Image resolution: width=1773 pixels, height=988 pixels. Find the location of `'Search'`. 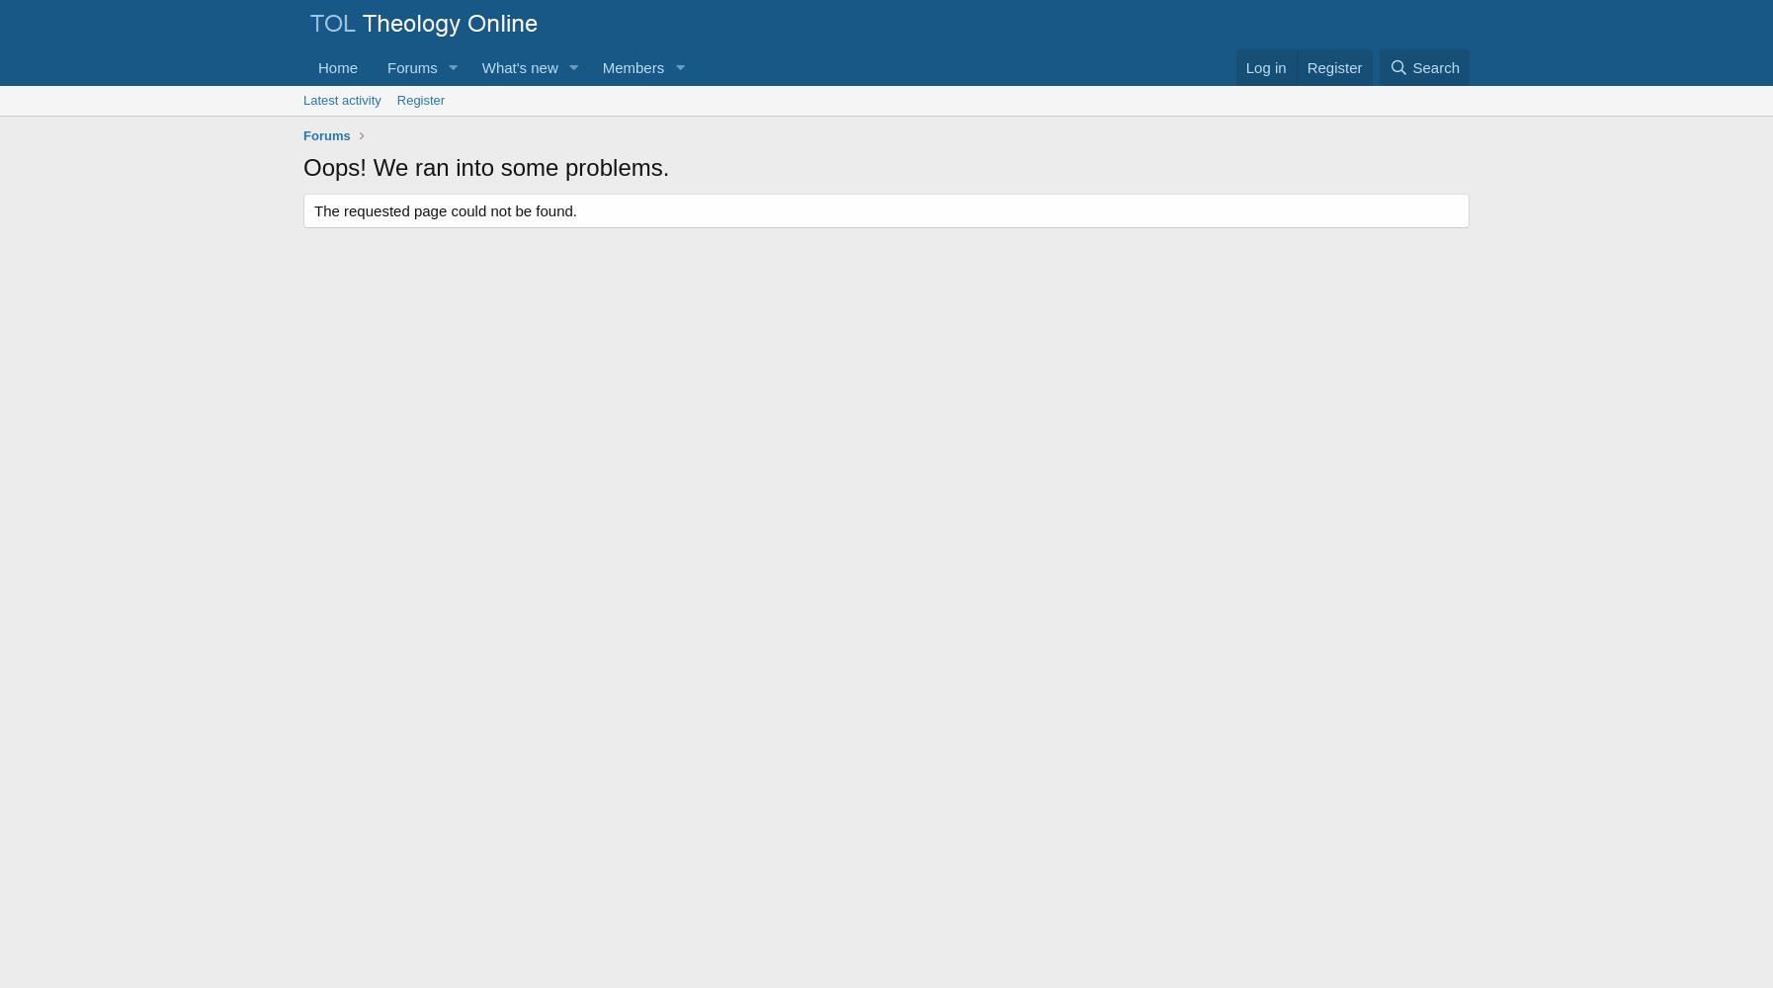

'Search' is located at coordinates (1435, 66).